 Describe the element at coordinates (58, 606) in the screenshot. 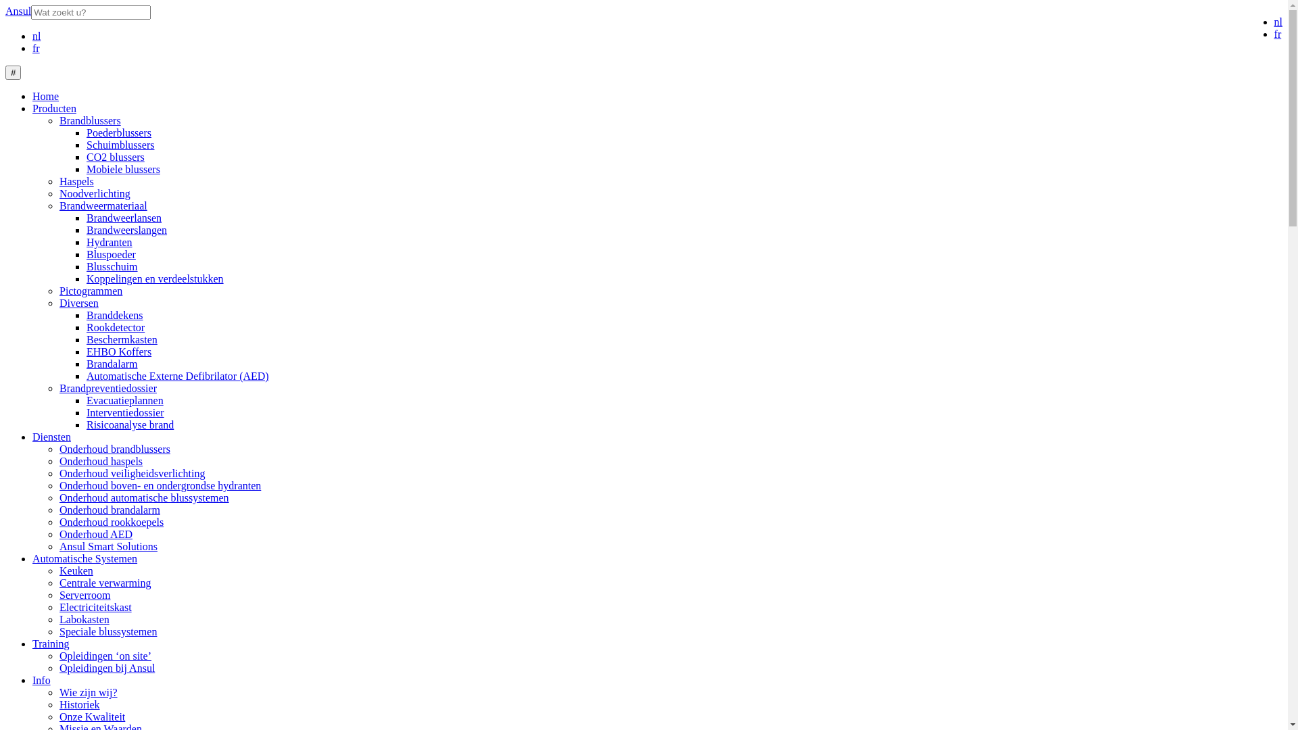

I see `'Electriciteitskast'` at that location.